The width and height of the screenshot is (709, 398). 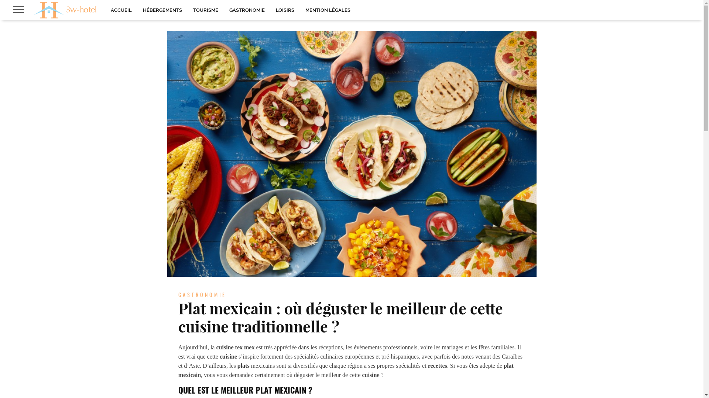 I want to click on 'TOURISME', so click(x=188, y=10).